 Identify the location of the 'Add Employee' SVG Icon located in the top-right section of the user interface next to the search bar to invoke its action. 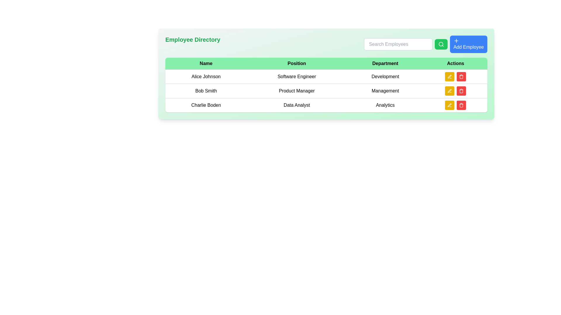
(456, 40).